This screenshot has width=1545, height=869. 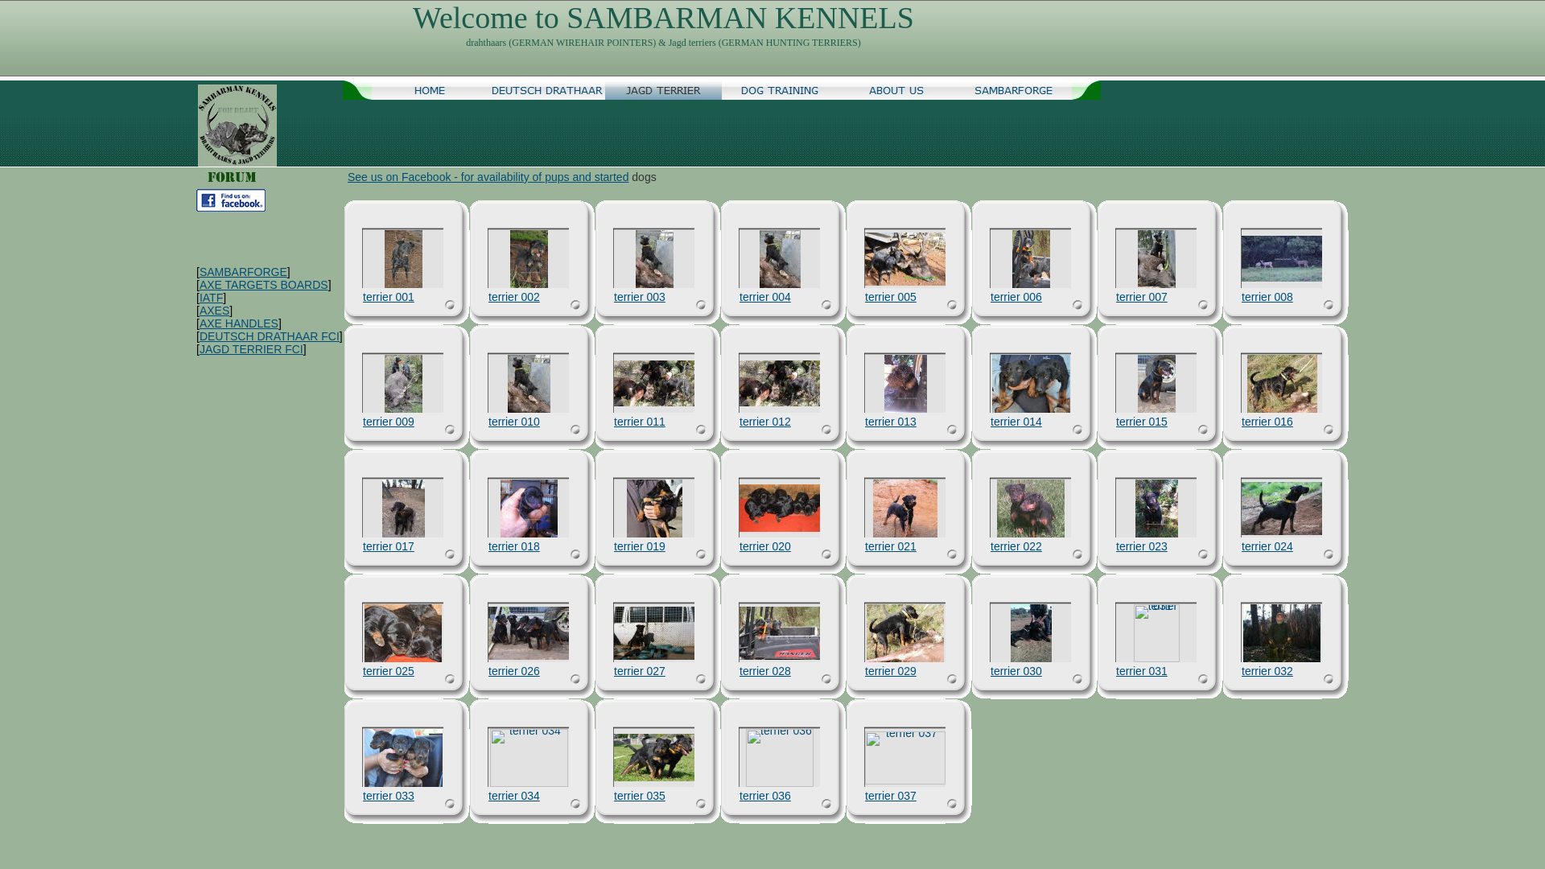 I want to click on 'terrier 024', so click(x=1266, y=545).